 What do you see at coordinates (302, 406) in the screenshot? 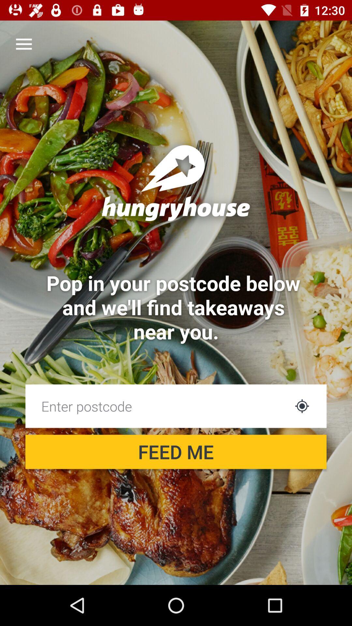
I see `icon above feed me icon` at bounding box center [302, 406].